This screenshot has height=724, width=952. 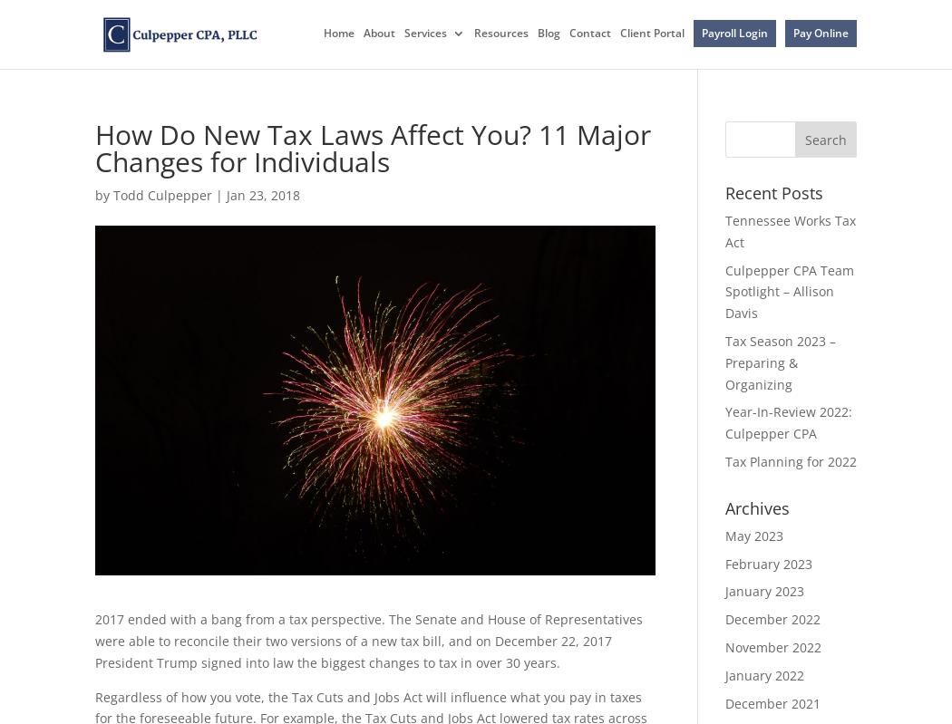 I want to click on 'Services for Individuals', so click(x=510, y=104).